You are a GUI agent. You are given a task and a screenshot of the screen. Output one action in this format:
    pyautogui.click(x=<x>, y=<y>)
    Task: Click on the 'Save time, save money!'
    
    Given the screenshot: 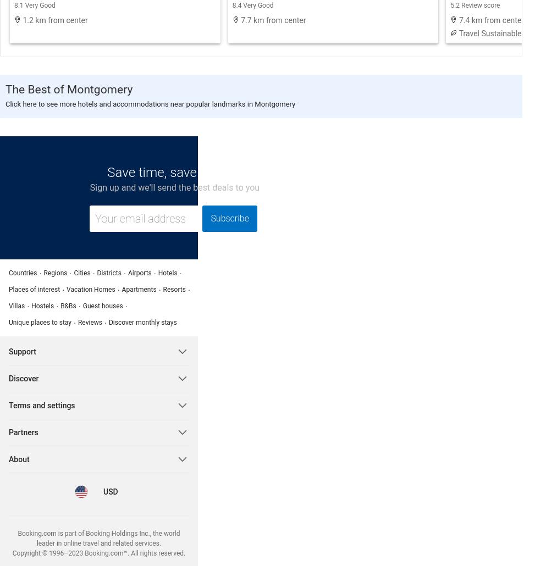 What is the action you would take?
    pyautogui.click(x=107, y=171)
    